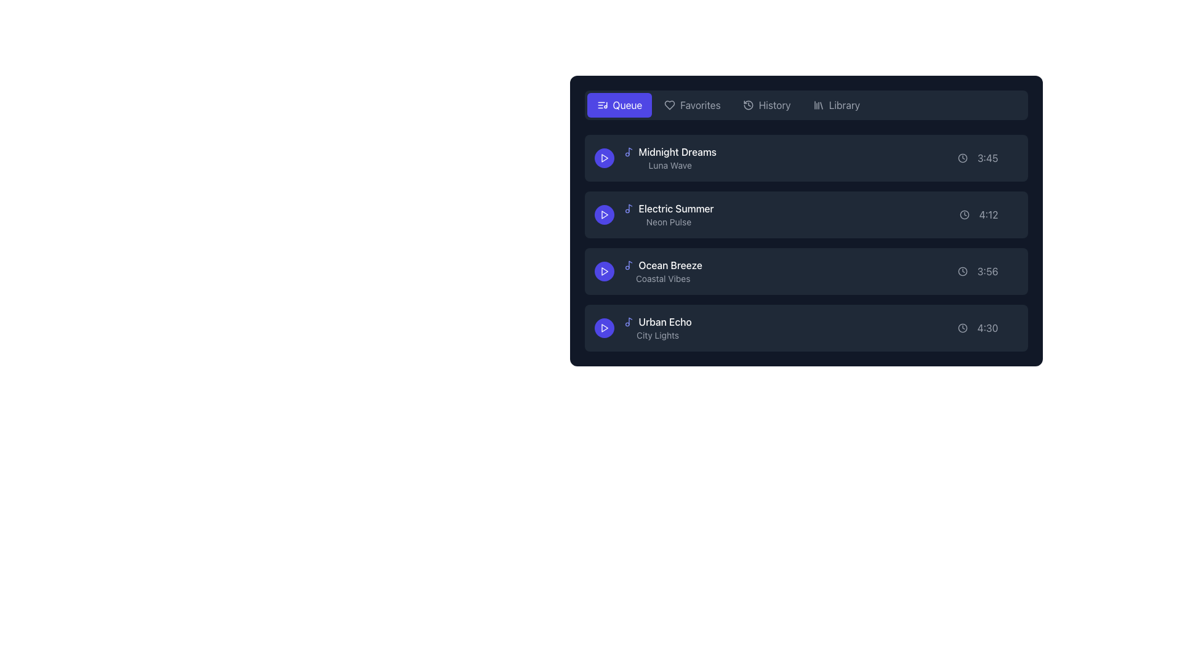  I want to click on the text label 'Urban Echo', so click(657, 321).